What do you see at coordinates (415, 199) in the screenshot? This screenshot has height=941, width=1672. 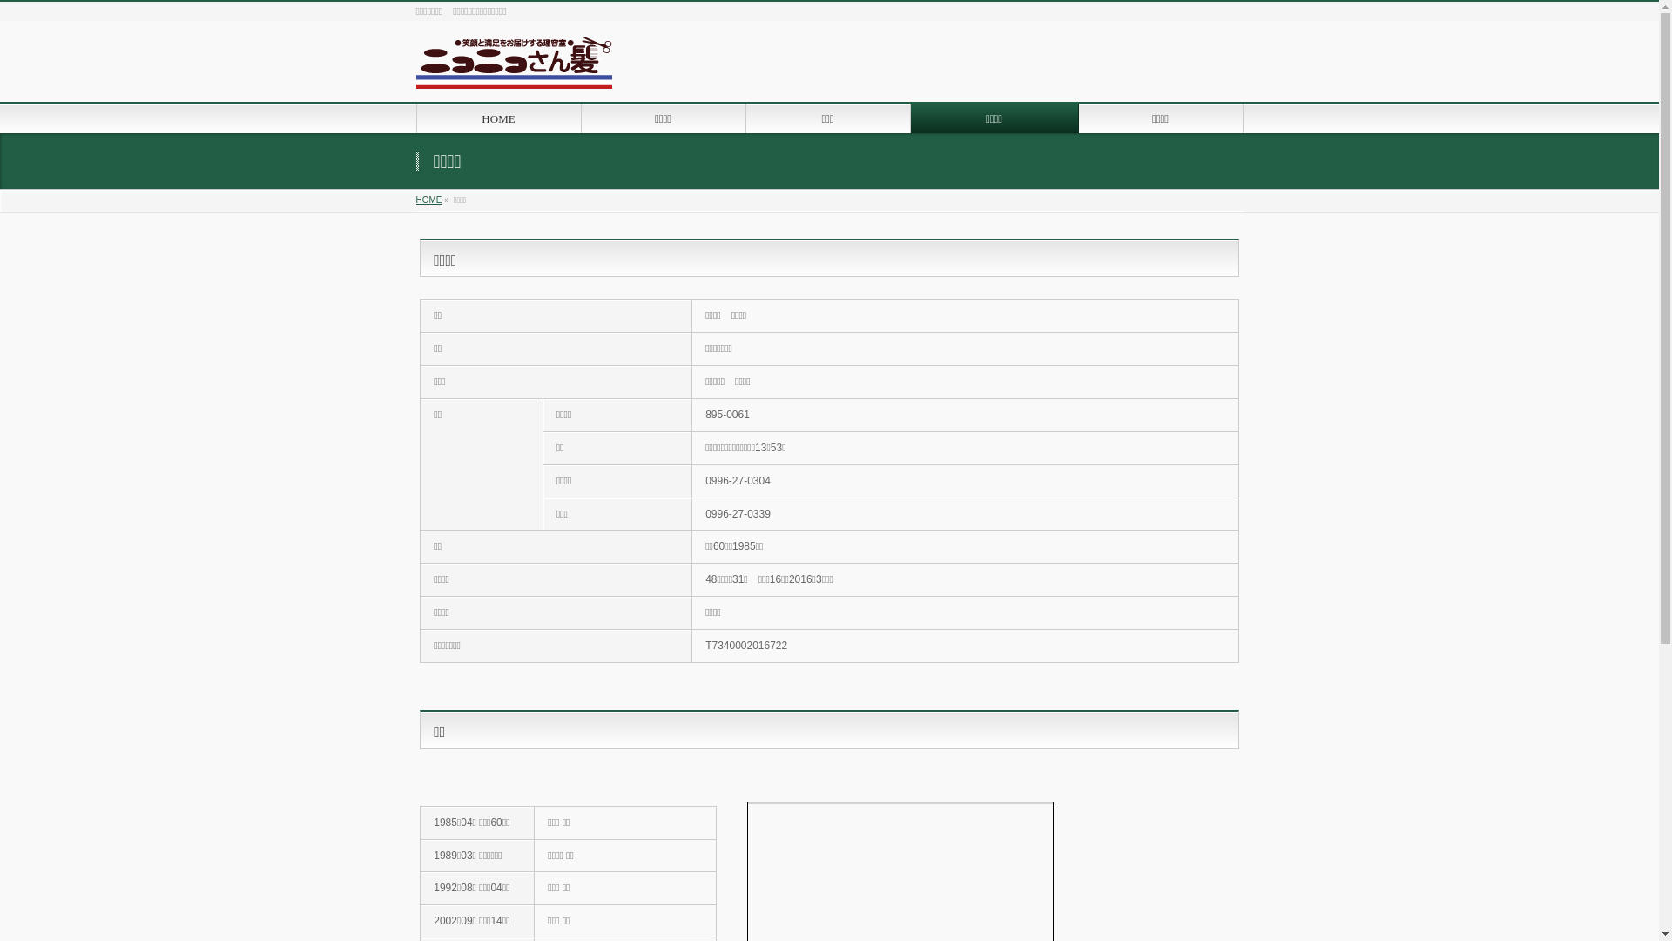 I see `'HOME'` at bounding box center [415, 199].